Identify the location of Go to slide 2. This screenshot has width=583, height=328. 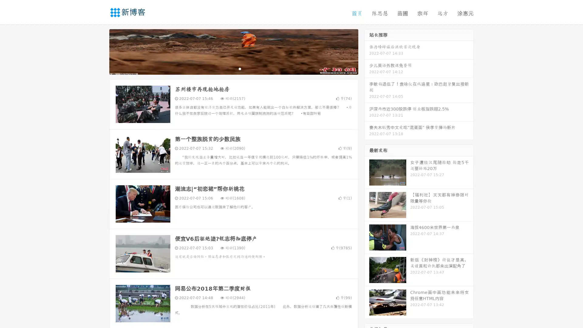
(233, 68).